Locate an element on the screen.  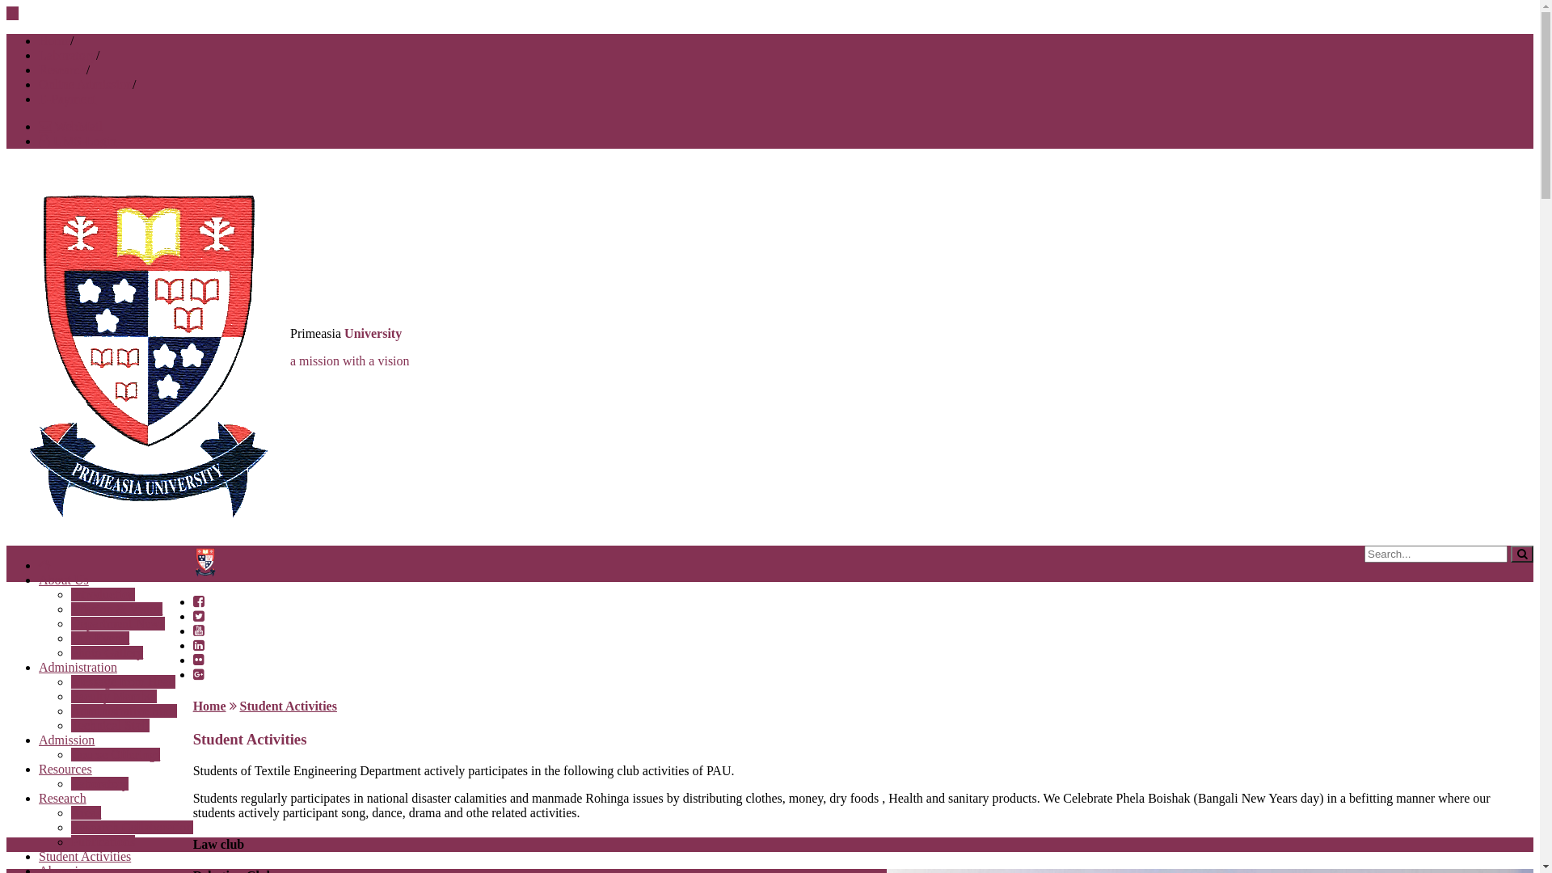
'Introduction' is located at coordinates (70, 594).